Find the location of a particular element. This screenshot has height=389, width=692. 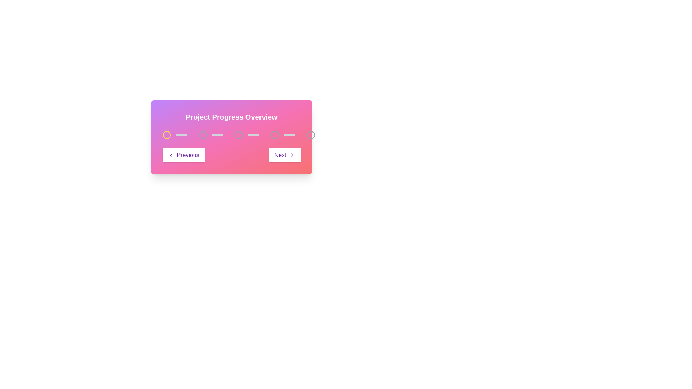

the circular progress indicator with a yellow border located on the left-most side of the row of progress indicators is located at coordinates (166, 135).